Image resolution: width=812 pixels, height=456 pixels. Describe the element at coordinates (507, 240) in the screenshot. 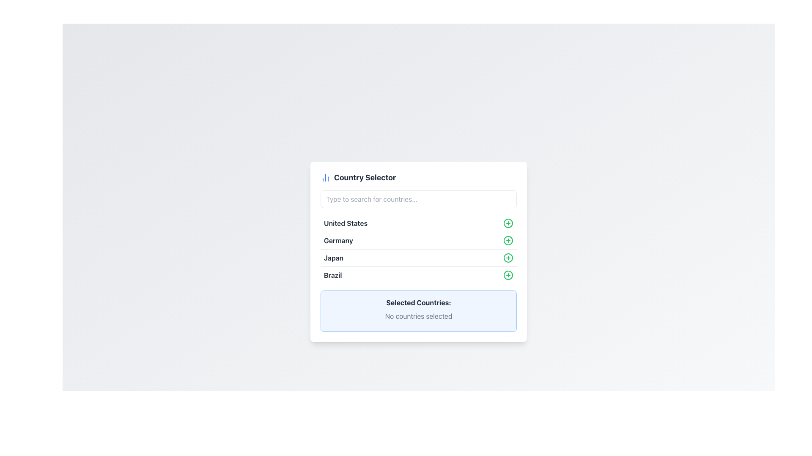

I see `the interactive button for adding Germany to a selection` at that location.